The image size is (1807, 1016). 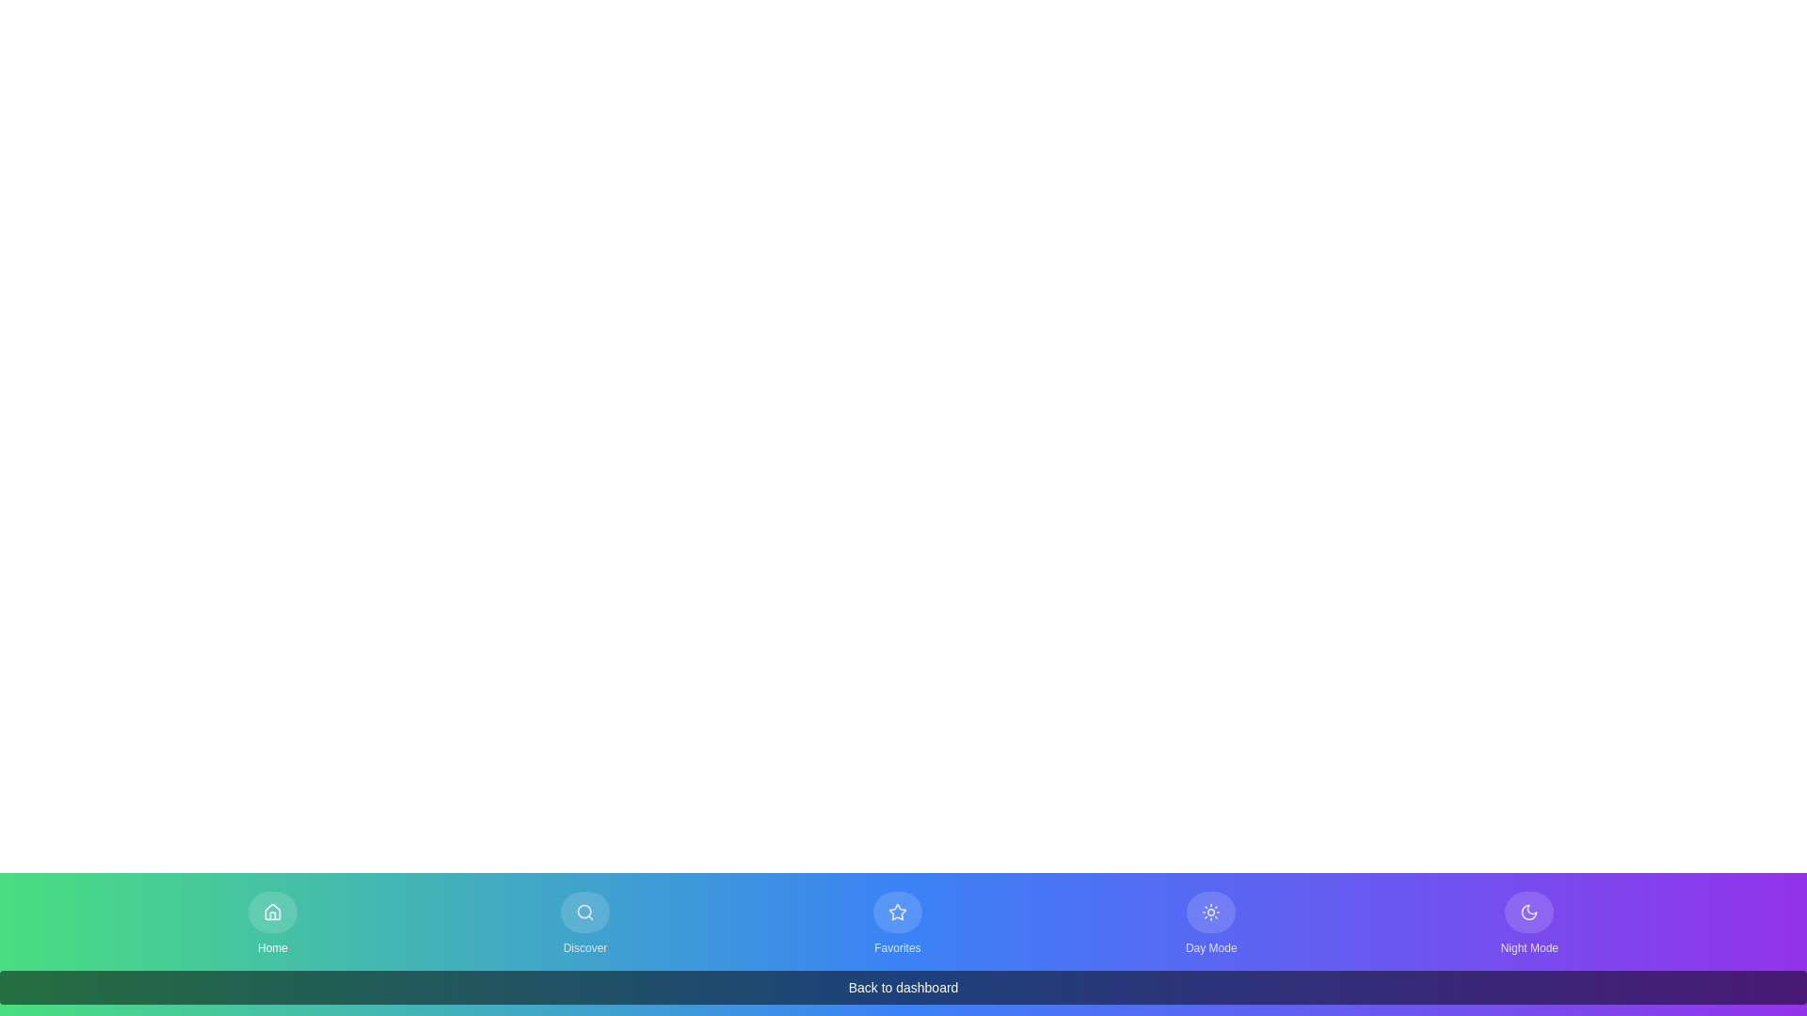 What do you see at coordinates (1529, 923) in the screenshot?
I see `the Night Mode tab by clicking the corresponding button` at bounding box center [1529, 923].